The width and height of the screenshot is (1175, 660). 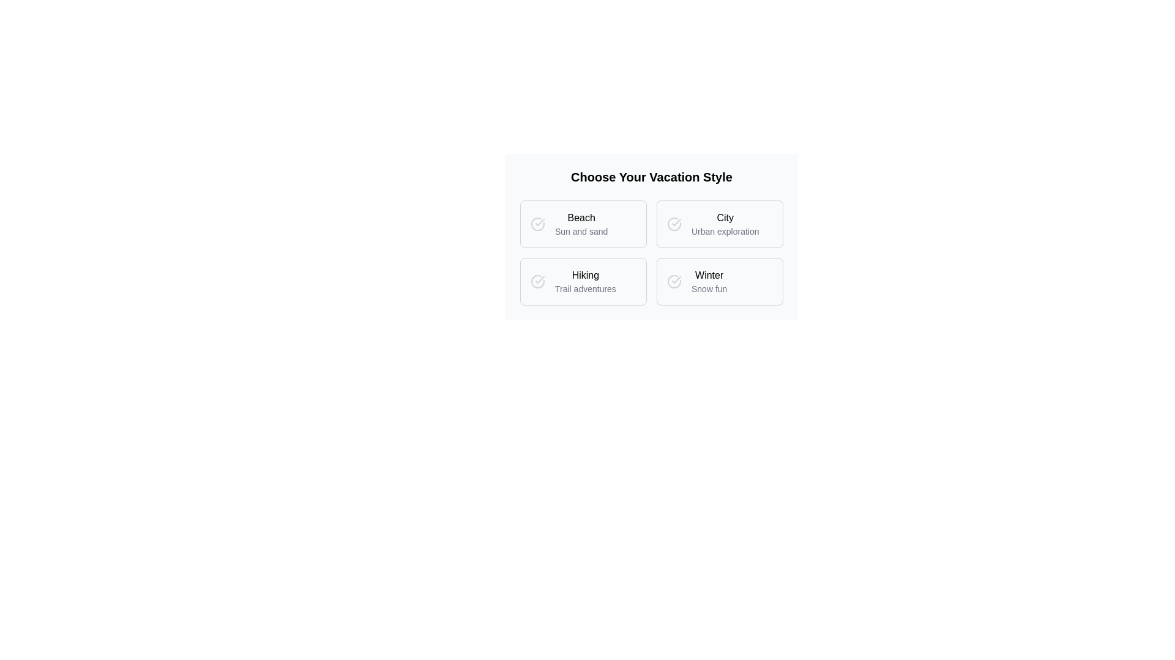 I want to click on header text element stating 'Choose Your Vacation Style', which is a bold, large-sized text label centrally aligned at the top of the interface, so click(x=651, y=177).